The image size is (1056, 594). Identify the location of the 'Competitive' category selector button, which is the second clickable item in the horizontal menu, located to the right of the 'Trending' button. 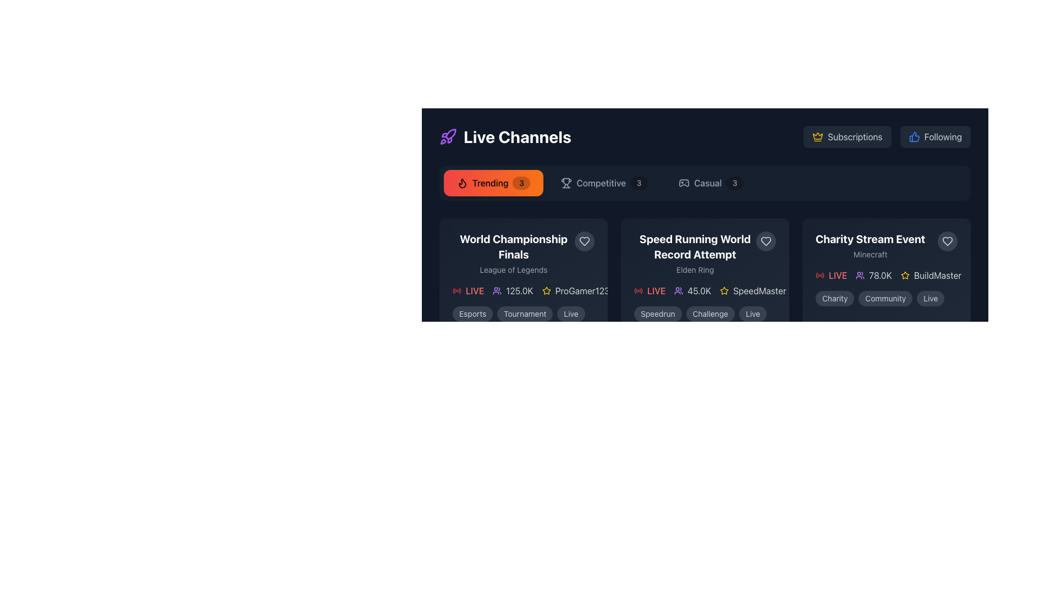
(604, 182).